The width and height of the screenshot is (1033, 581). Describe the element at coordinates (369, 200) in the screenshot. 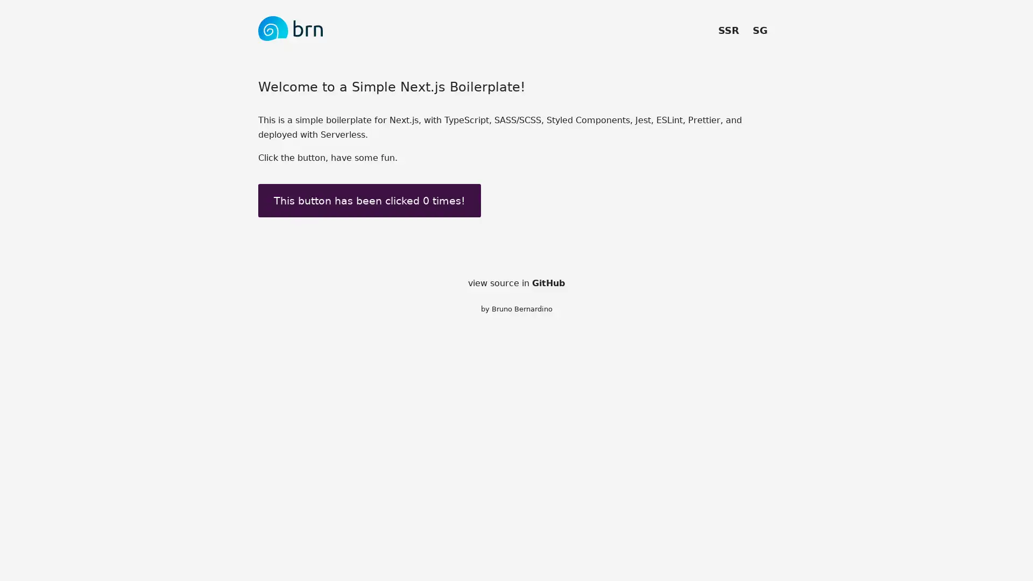

I see `This button has been clicked 0 times!` at that location.